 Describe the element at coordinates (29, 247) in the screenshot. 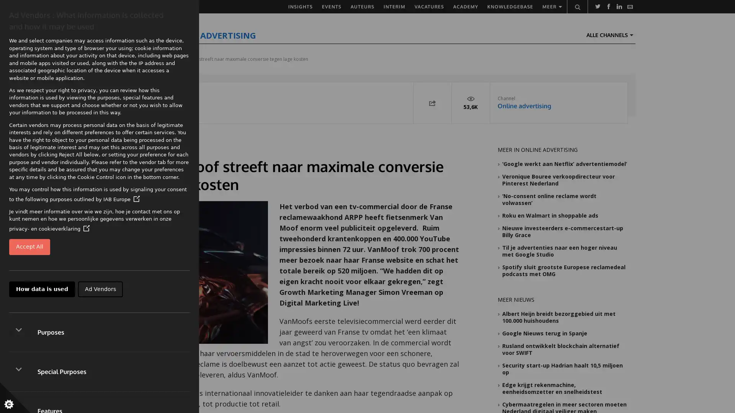

I see `Accept All` at that location.